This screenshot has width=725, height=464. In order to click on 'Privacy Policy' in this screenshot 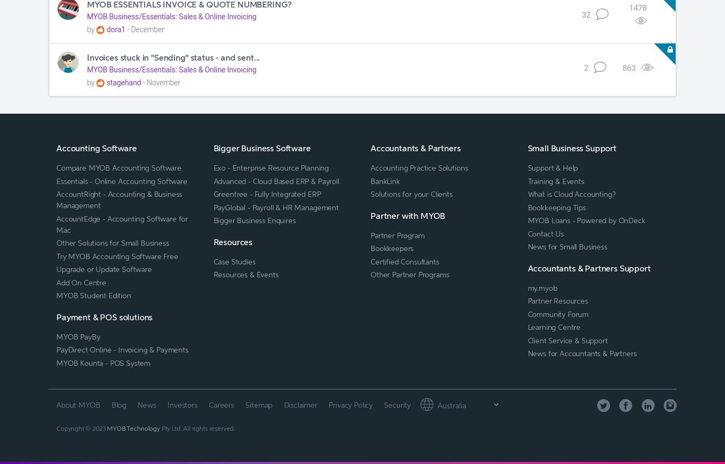, I will do `click(350, 403)`.